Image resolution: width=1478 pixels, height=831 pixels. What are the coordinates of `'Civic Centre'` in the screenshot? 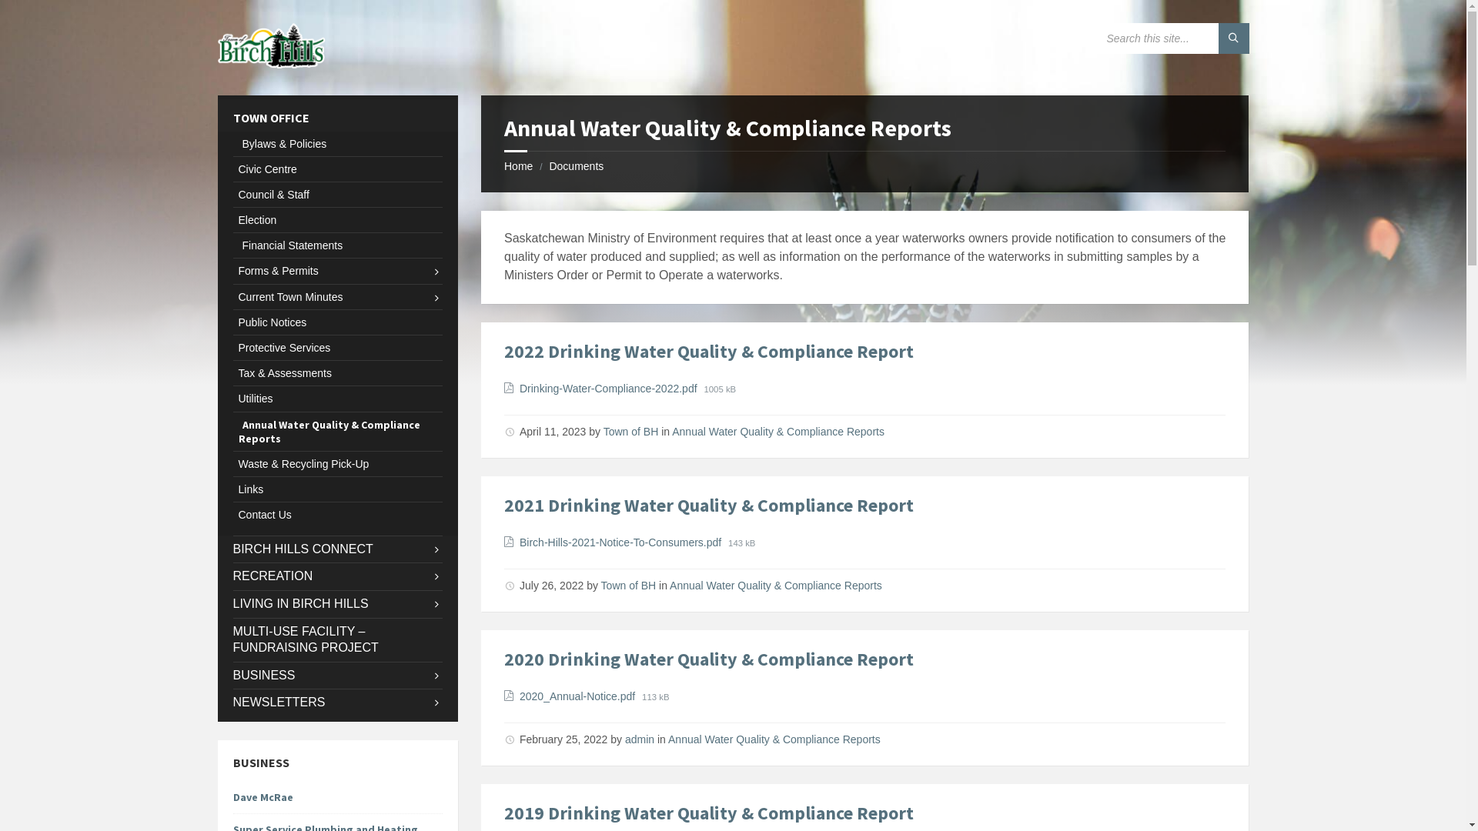 It's located at (336, 169).